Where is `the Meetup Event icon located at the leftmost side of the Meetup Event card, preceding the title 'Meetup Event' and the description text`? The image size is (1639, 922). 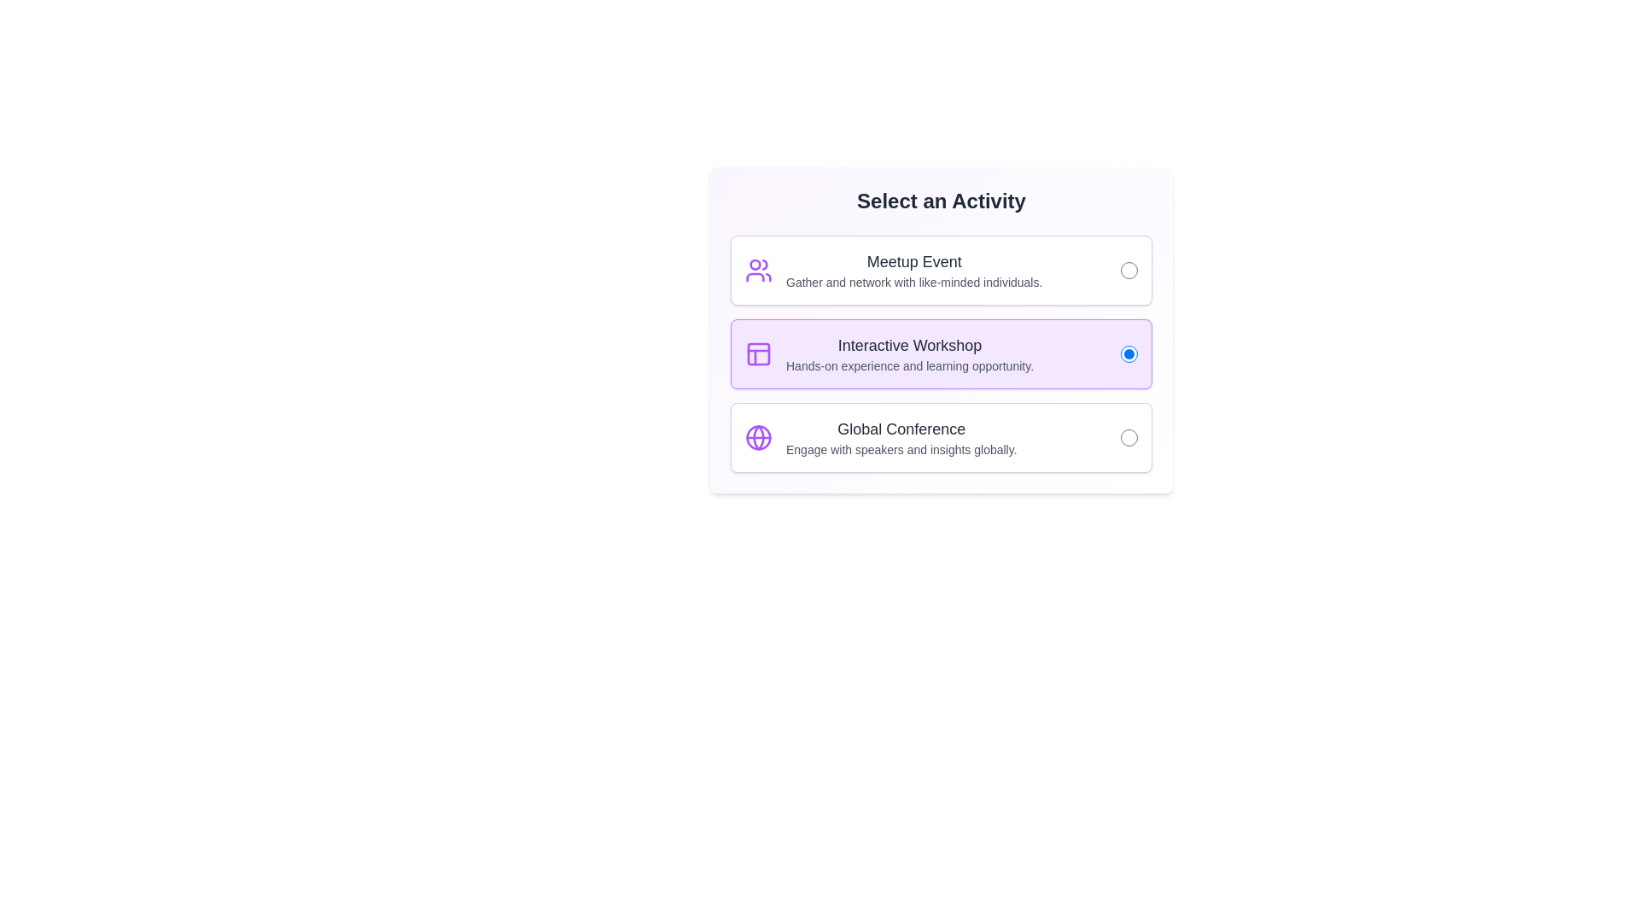
the Meetup Event icon located at the leftmost side of the Meetup Event card, preceding the title 'Meetup Event' and the description text is located at coordinates (757, 269).